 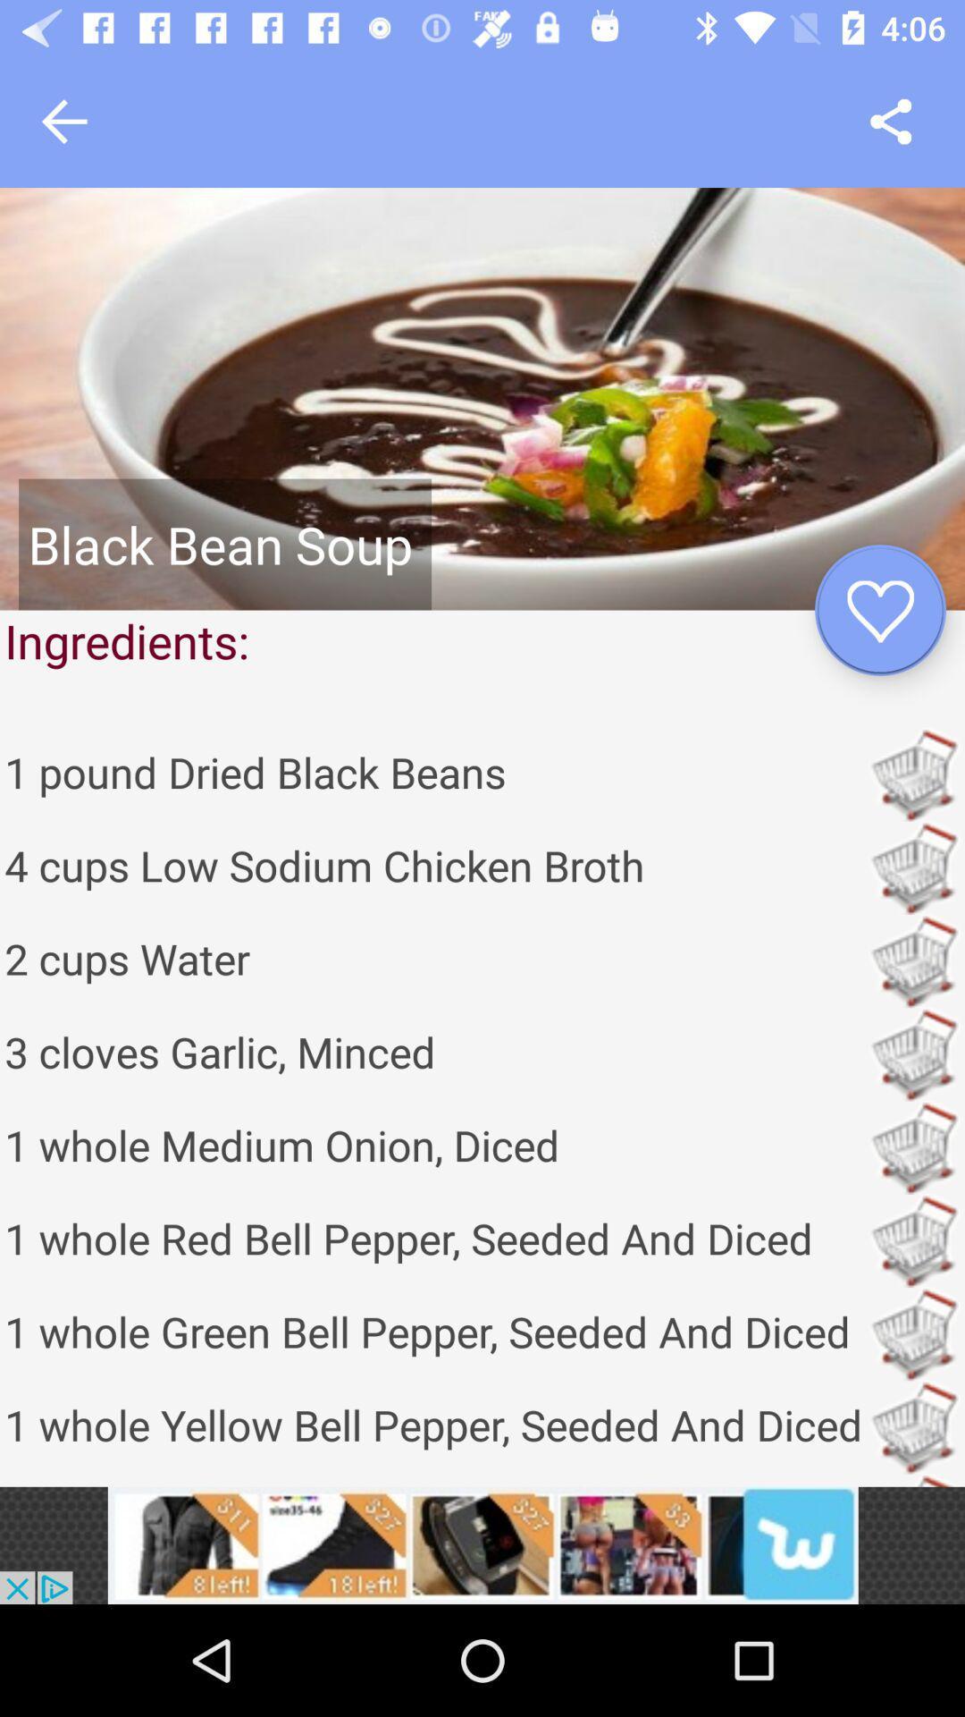 I want to click on share recipe, so click(x=891, y=121).